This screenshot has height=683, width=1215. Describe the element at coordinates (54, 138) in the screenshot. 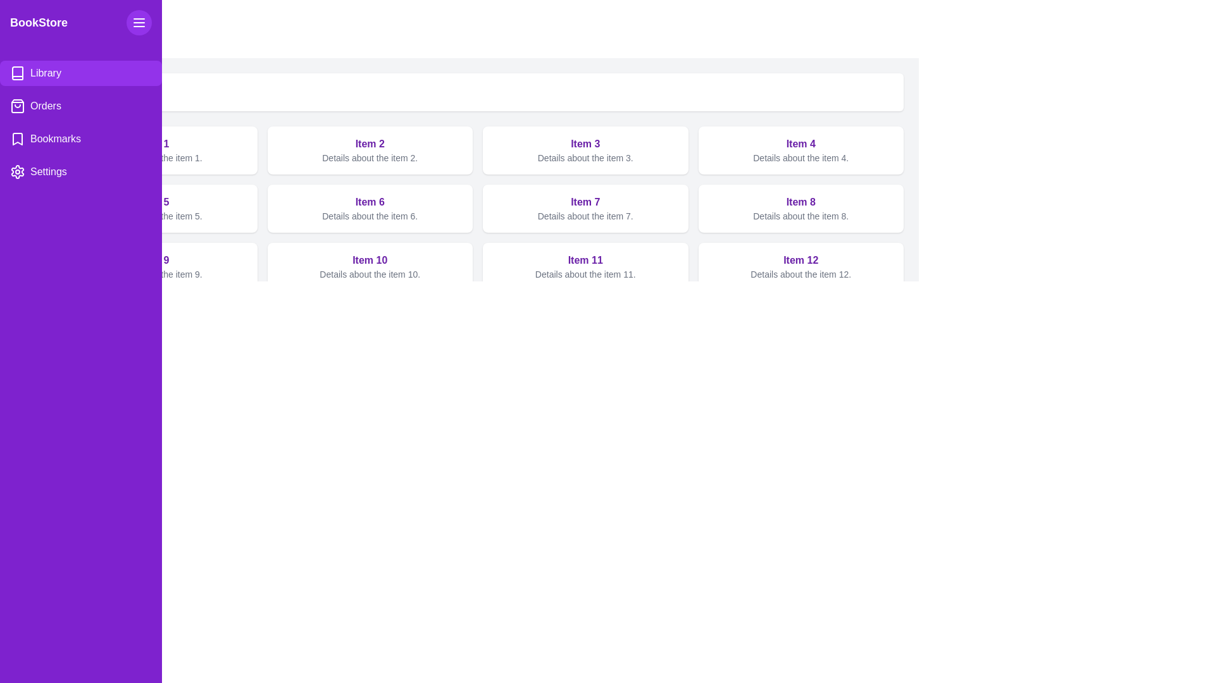

I see `the 'Bookmarks' text label in the vertical navigation menu, which is the third item below 'Orders' and above 'Settings'` at that location.